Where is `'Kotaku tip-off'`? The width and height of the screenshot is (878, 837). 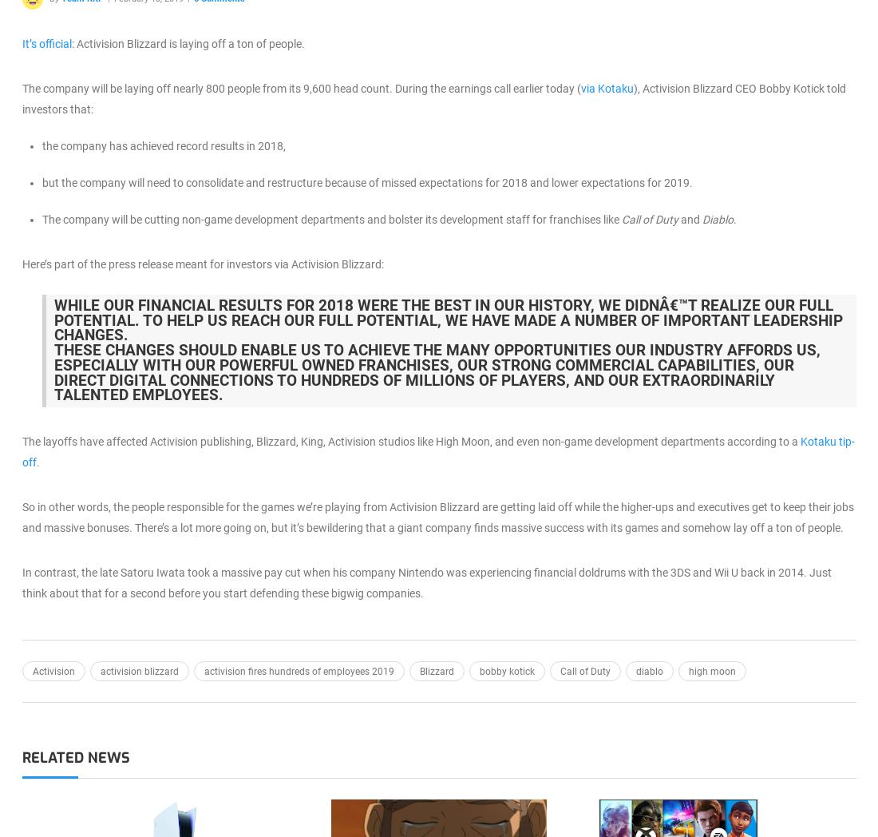 'Kotaku tip-off' is located at coordinates (437, 451).